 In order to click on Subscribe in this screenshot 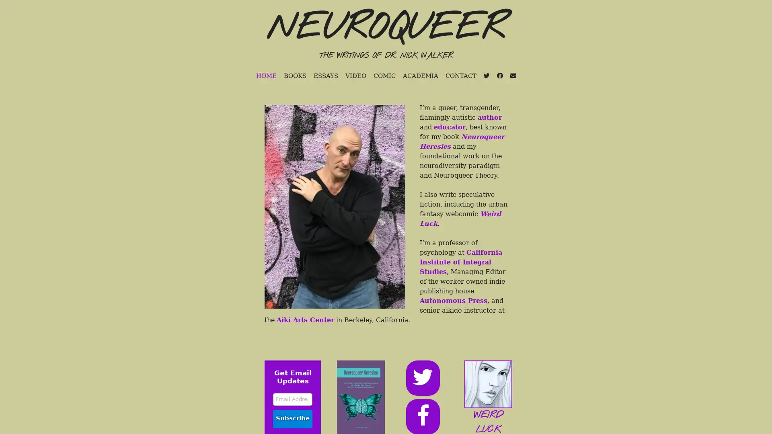, I will do `click(292, 418)`.